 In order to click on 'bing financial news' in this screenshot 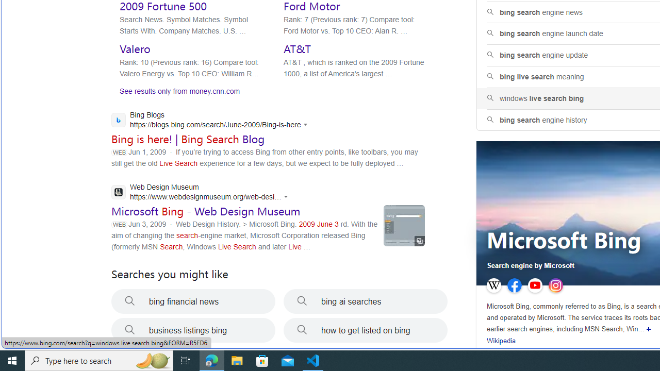, I will do `click(193, 301)`.